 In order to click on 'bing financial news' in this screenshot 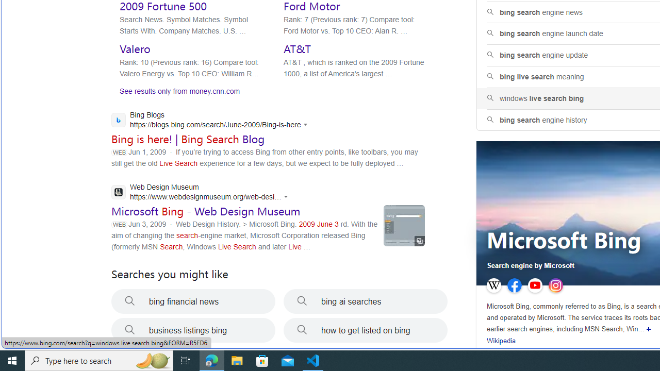, I will do `click(193, 301)`.